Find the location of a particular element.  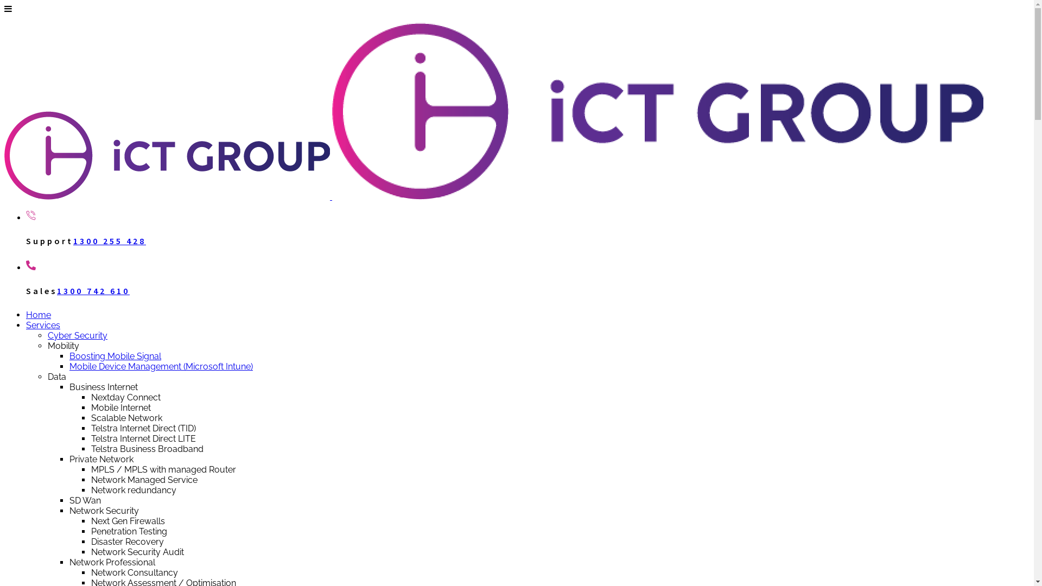

'Network Professional' is located at coordinates (112, 562).